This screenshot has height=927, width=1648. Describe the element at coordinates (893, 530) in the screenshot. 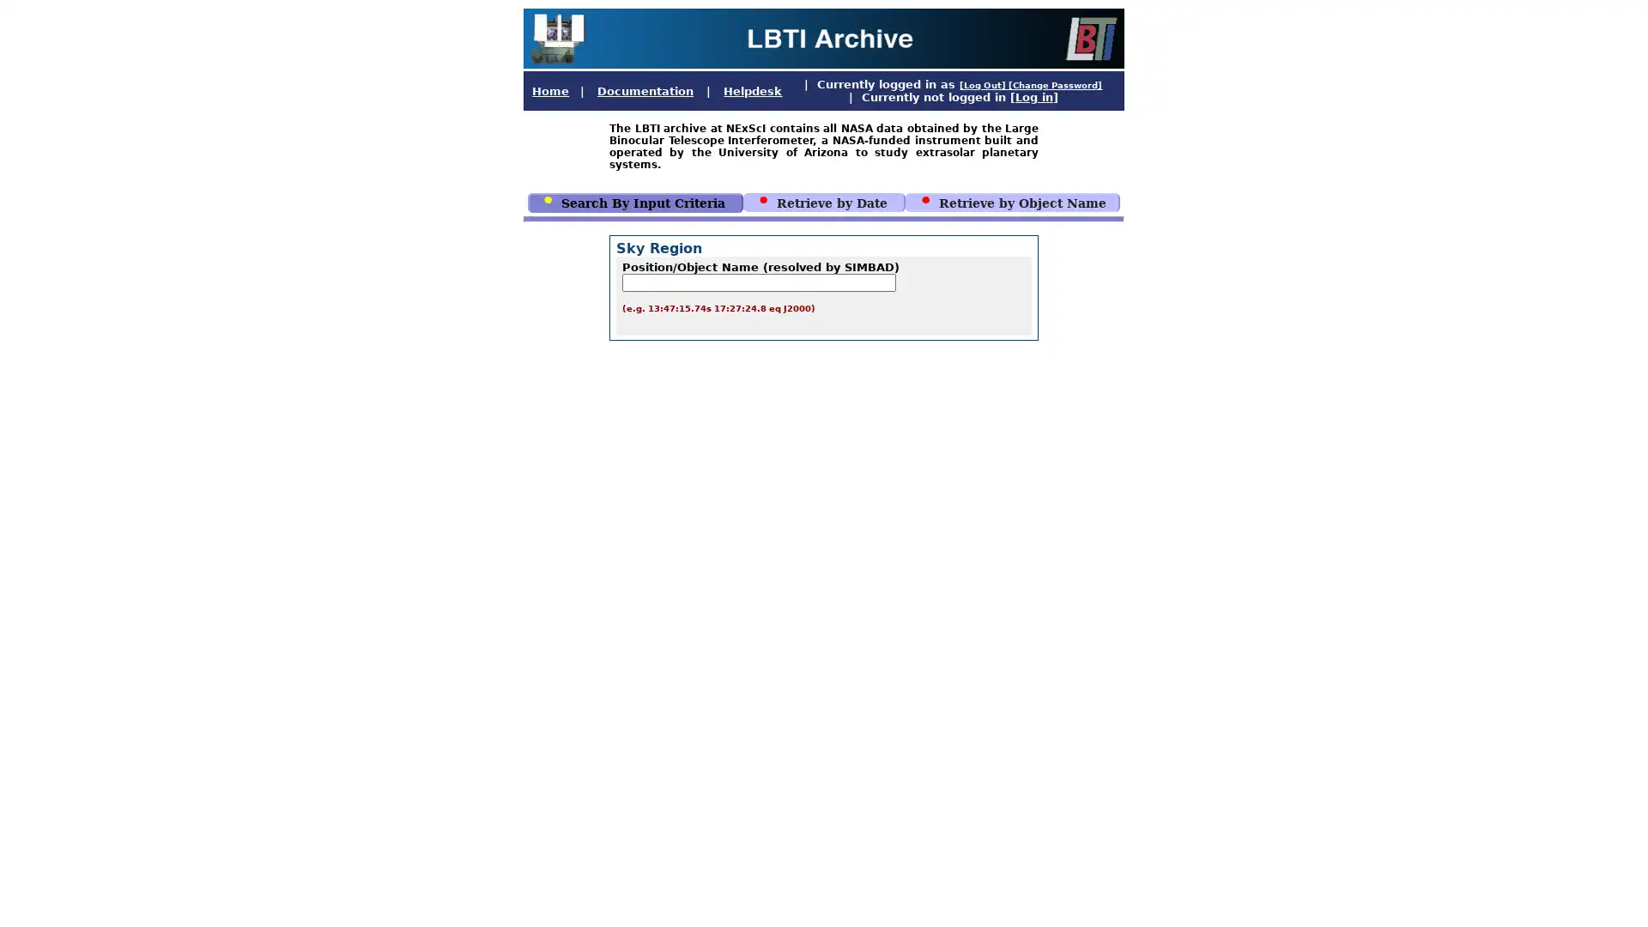

I see `Reset` at that location.